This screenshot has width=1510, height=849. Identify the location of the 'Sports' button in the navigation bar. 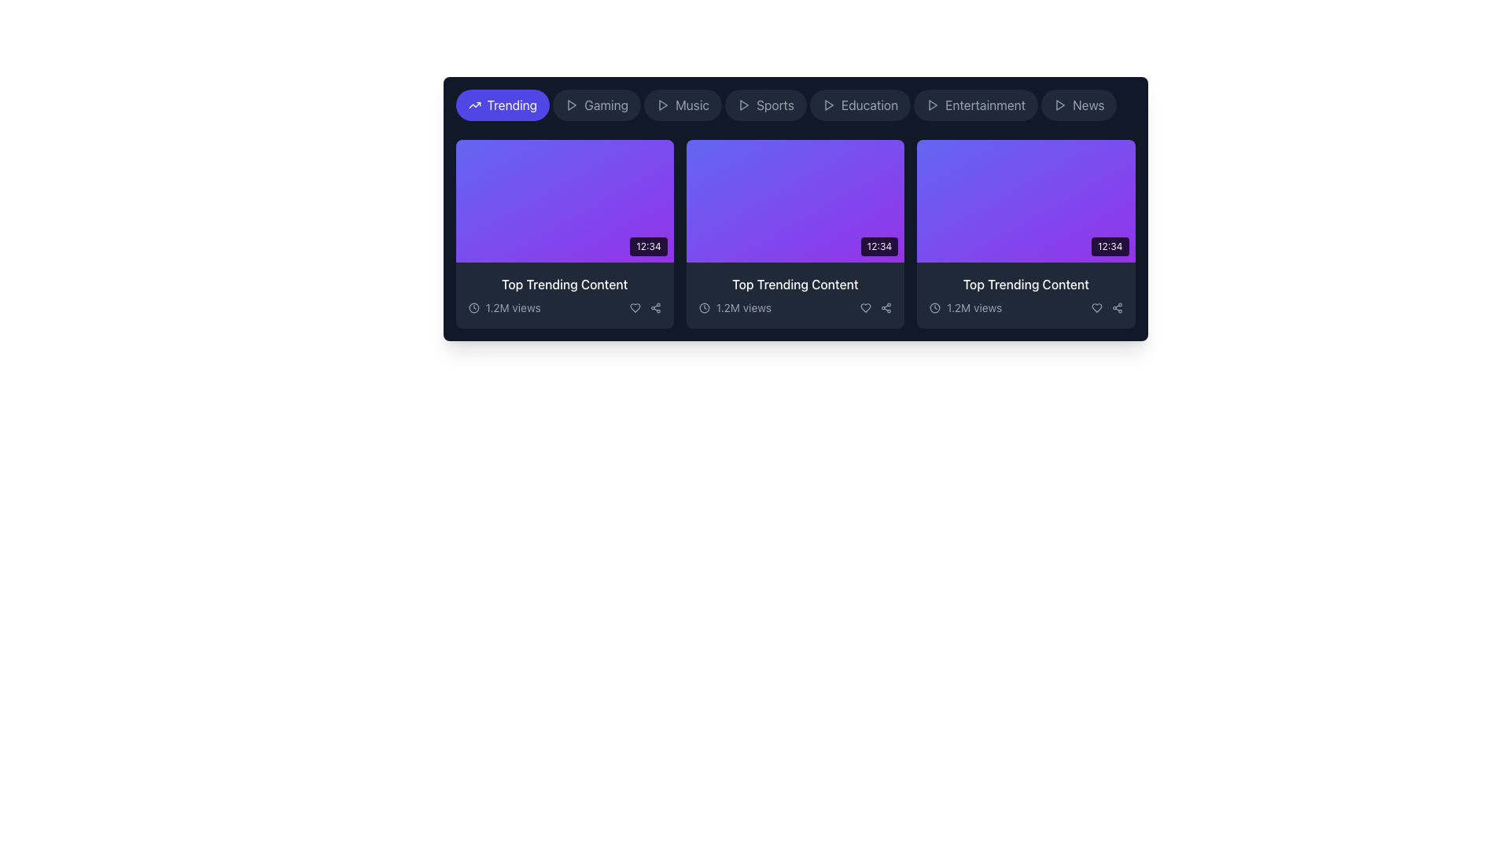
(795, 105).